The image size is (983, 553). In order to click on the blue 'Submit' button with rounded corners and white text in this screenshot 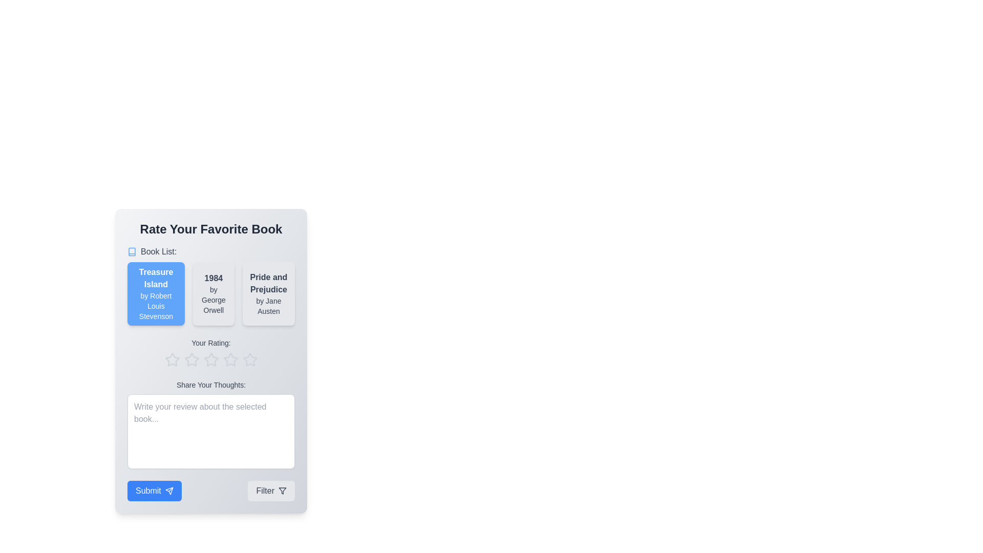, I will do `click(154, 491)`.